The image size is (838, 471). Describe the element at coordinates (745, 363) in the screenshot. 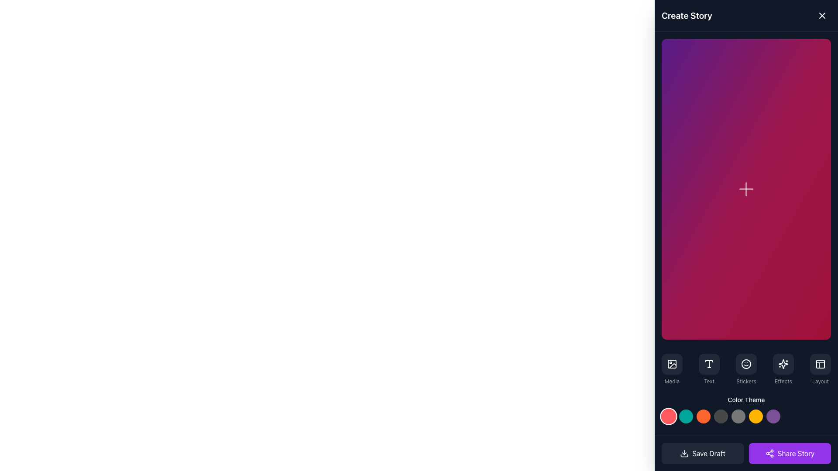

I see `the small circular smiley face icon button located in the bottom section of the interface, part of the button group on the right-hand side` at that location.